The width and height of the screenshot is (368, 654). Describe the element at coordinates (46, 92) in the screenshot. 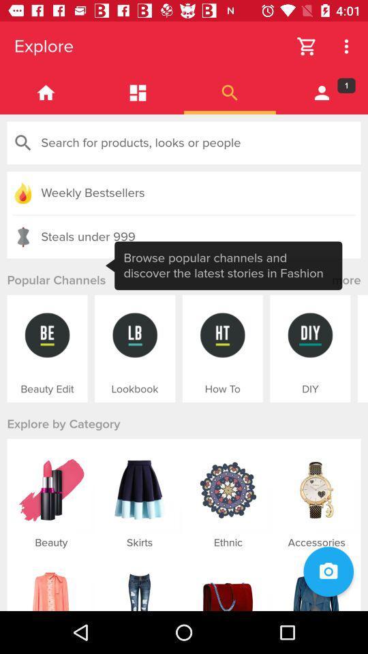

I see `go home` at that location.